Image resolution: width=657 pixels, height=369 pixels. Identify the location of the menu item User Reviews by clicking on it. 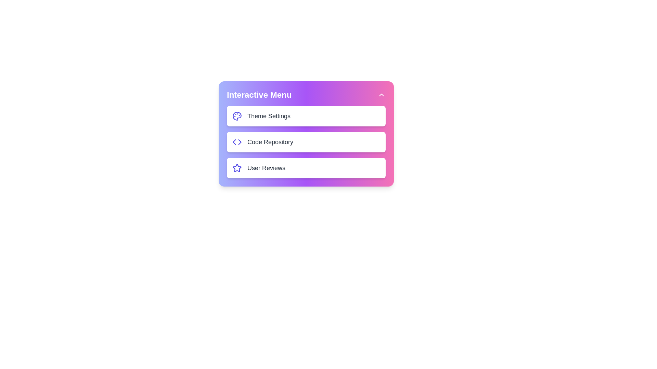
(306, 168).